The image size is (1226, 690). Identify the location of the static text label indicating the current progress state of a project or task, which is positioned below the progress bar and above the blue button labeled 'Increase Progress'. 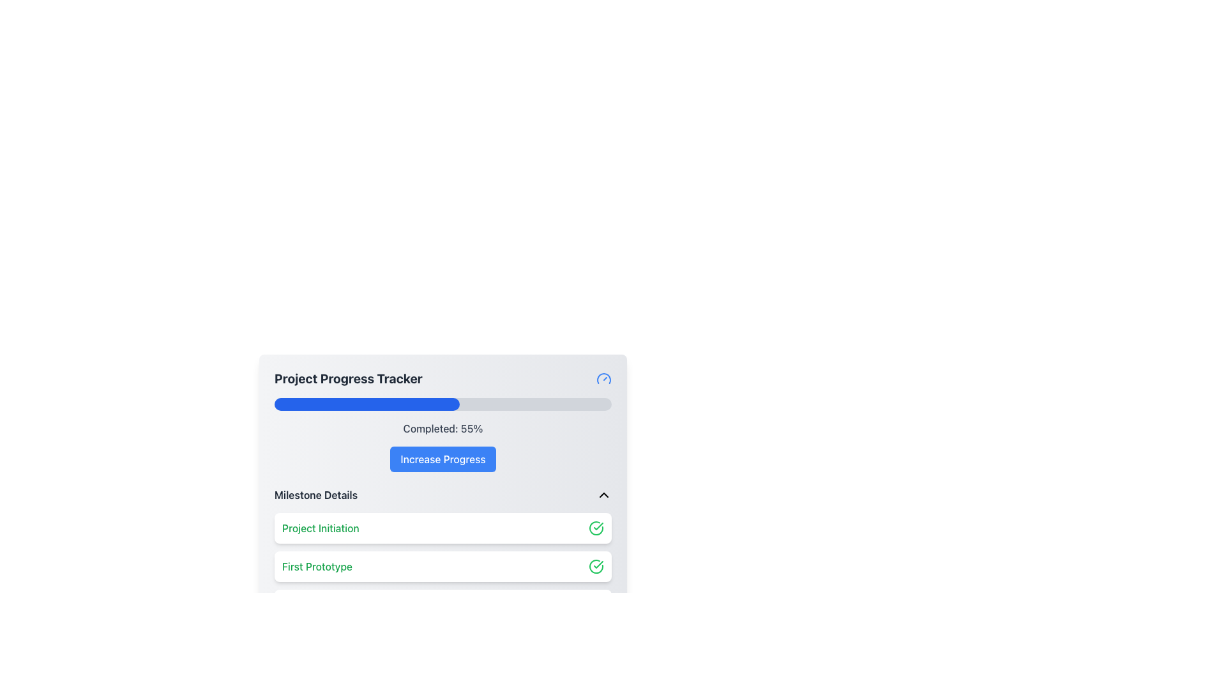
(443, 429).